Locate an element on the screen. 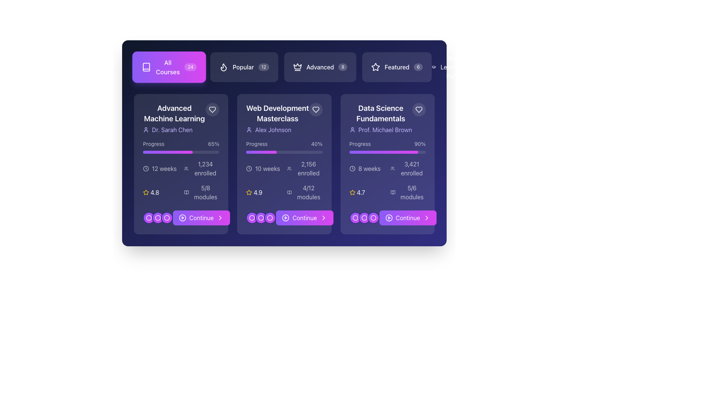 This screenshot has width=717, height=403. the text label within the middle 'Continue' button associated with the 'Web Development Masterclass' course is located at coordinates (305, 218).